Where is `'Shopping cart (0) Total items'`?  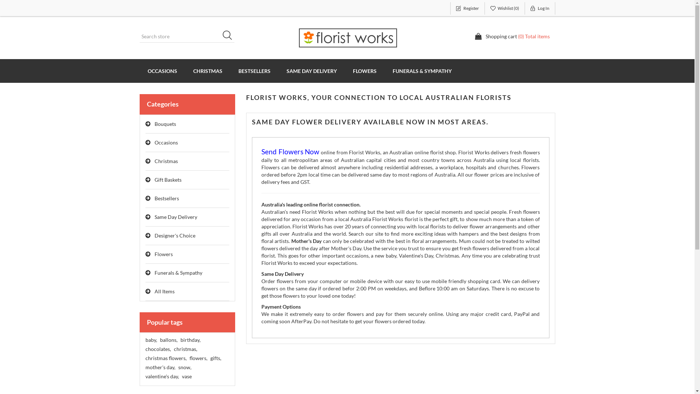 'Shopping cart (0) Total items' is located at coordinates (474, 36).